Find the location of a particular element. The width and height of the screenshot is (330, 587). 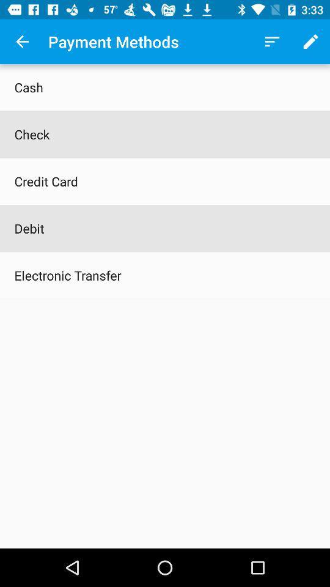

the icon to the left of payment methods is located at coordinates (22, 42).